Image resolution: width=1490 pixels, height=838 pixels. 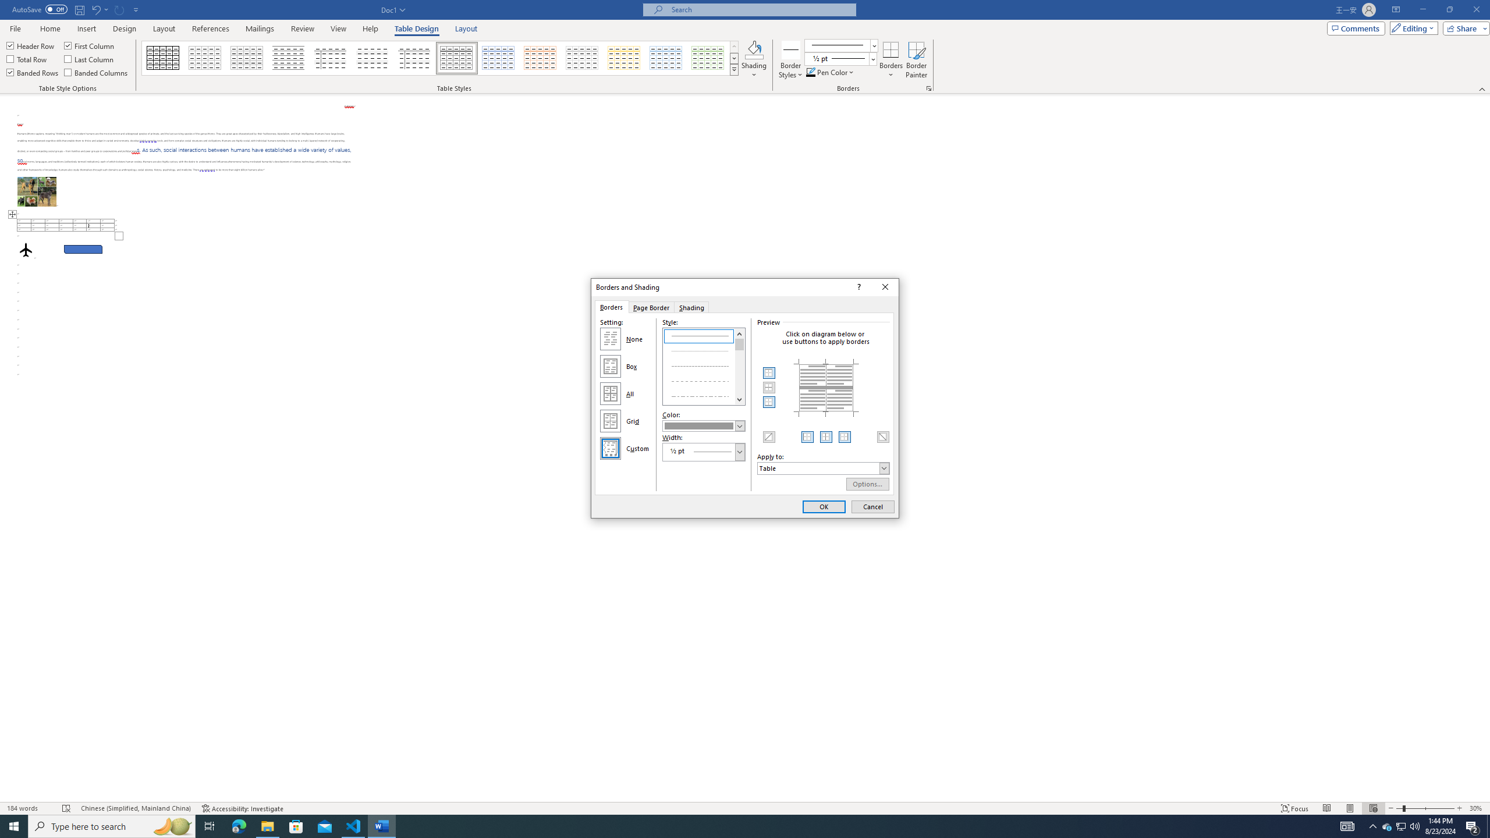 What do you see at coordinates (707, 58) in the screenshot?
I see `'Grid Table 1 Light - Accent 6'` at bounding box center [707, 58].